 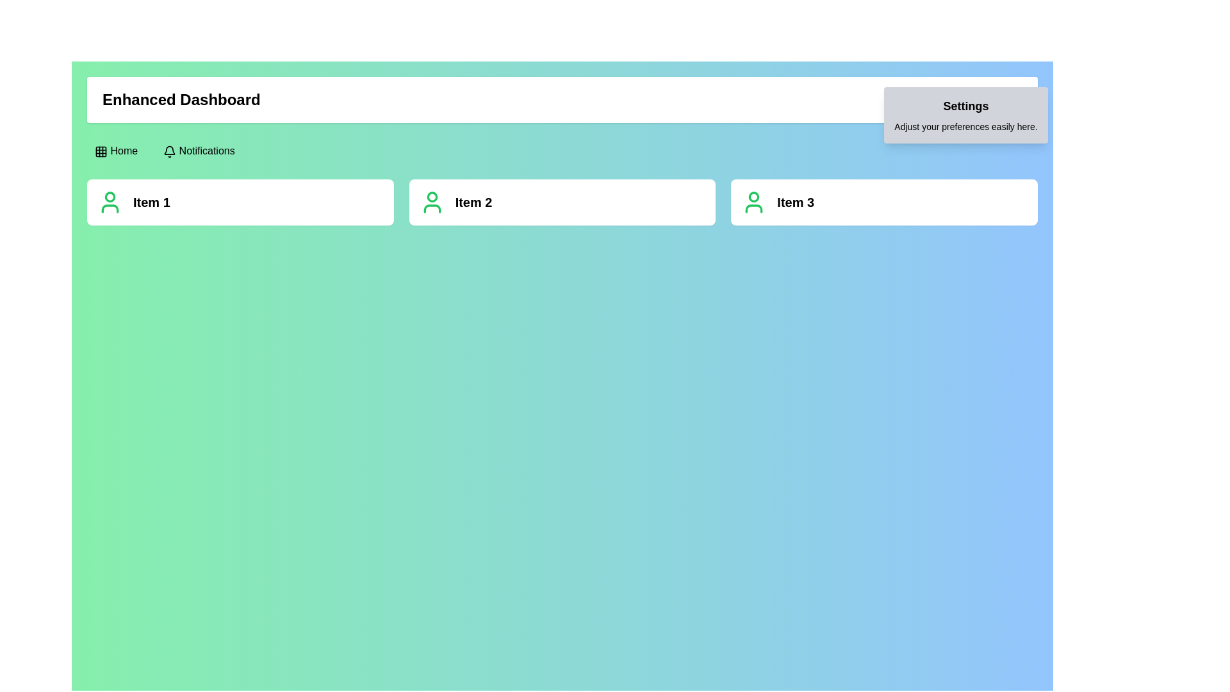 I want to click on the 'Notifications' button, which is a rectangular button with a bell icon and text, located in the top-left horizontal navigation bar, so click(x=198, y=150).